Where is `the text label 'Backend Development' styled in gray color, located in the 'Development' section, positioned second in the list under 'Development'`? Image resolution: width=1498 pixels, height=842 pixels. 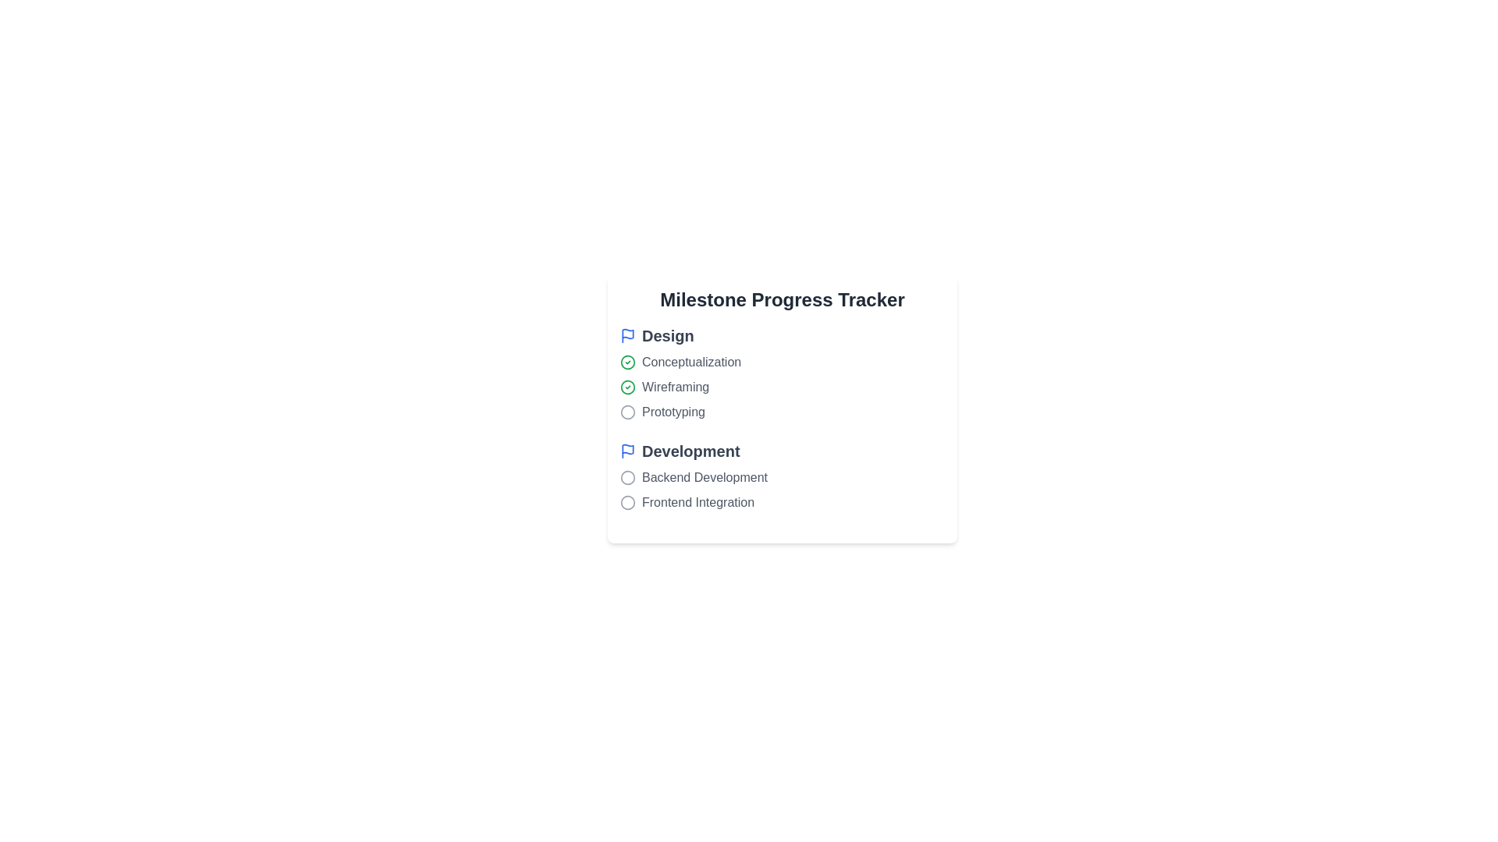 the text label 'Backend Development' styled in gray color, located in the 'Development' section, positioned second in the list under 'Development' is located at coordinates (704, 477).